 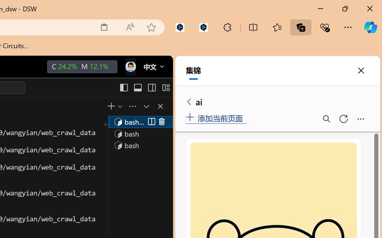 What do you see at coordinates (165, 87) in the screenshot?
I see `'Customize Layout...'` at bounding box center [165, 87].